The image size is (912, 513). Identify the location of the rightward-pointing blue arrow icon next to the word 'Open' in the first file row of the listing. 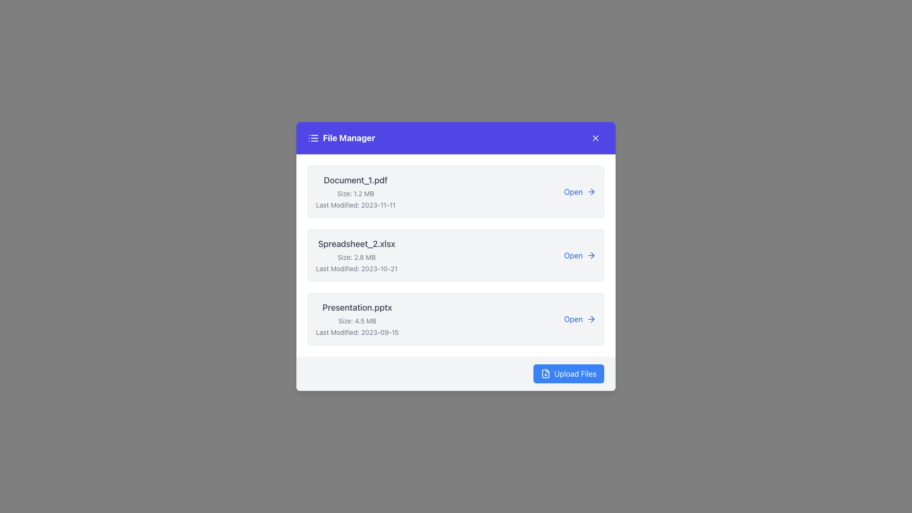
(590, 192).